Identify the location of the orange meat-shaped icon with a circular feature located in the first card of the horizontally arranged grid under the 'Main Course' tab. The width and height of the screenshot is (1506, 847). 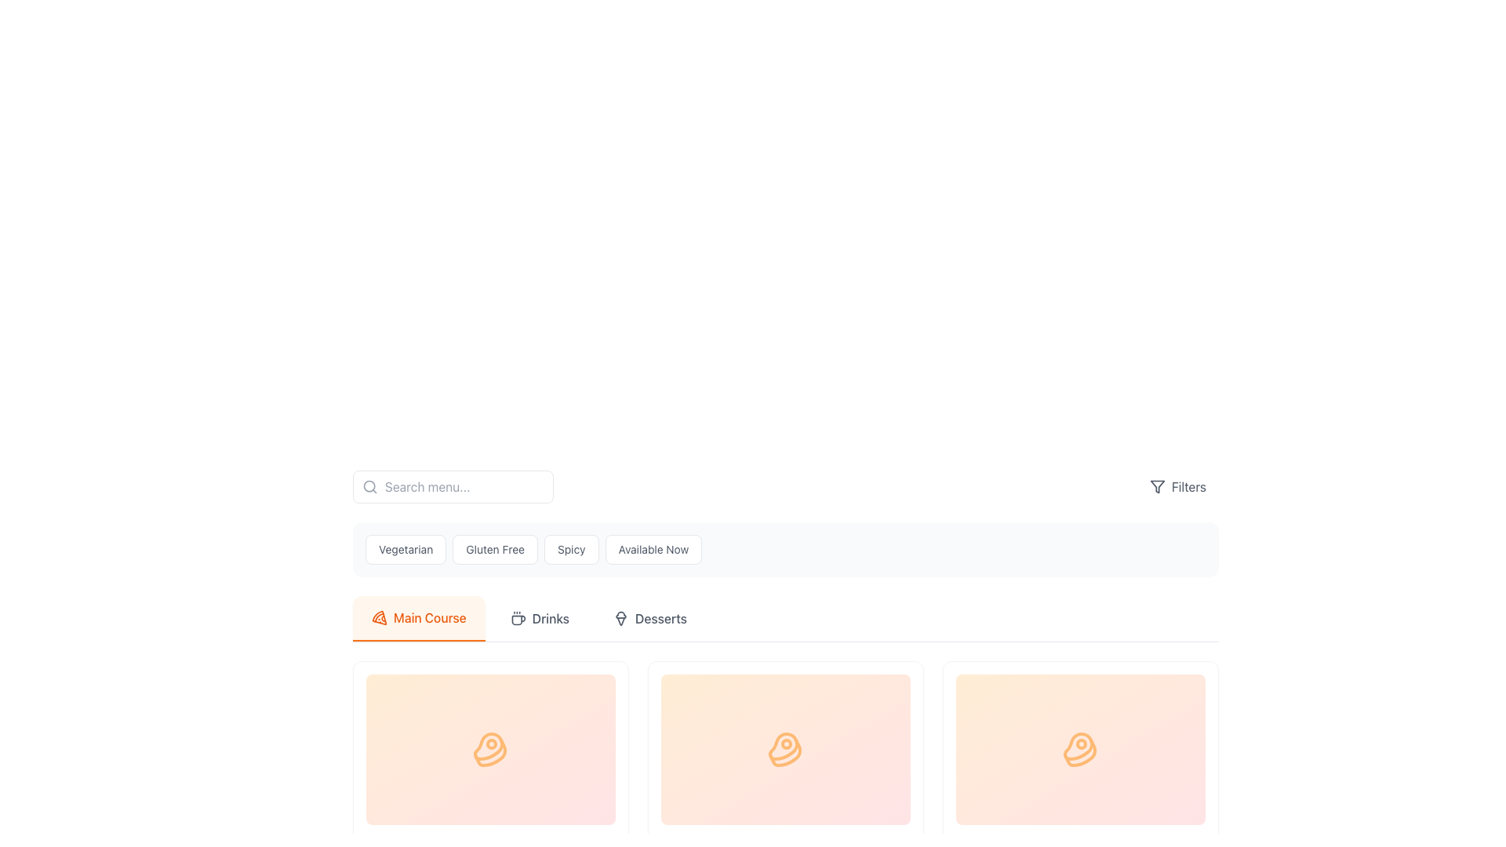
(488, 746).